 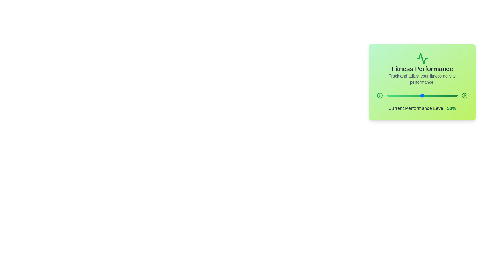 I want to click on the down arrow button to decrease the performance level, so click(x=380, y=96).